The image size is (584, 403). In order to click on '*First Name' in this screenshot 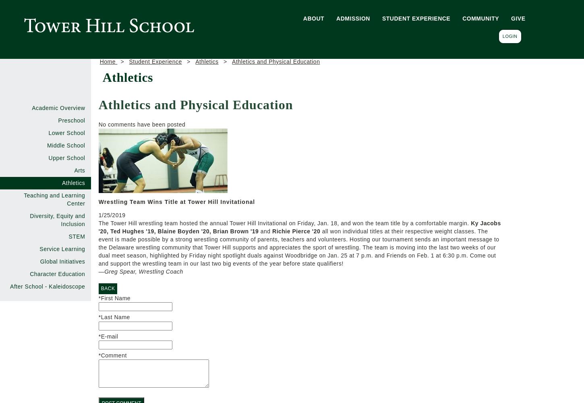, I will do `click(114, 298)`.